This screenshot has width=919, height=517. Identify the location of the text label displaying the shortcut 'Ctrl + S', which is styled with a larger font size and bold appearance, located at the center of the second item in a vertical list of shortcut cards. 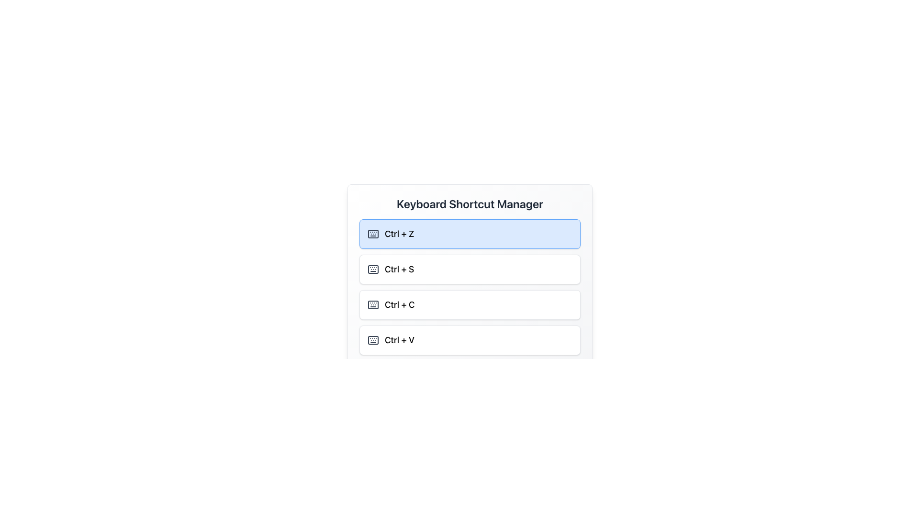
(399, 270).